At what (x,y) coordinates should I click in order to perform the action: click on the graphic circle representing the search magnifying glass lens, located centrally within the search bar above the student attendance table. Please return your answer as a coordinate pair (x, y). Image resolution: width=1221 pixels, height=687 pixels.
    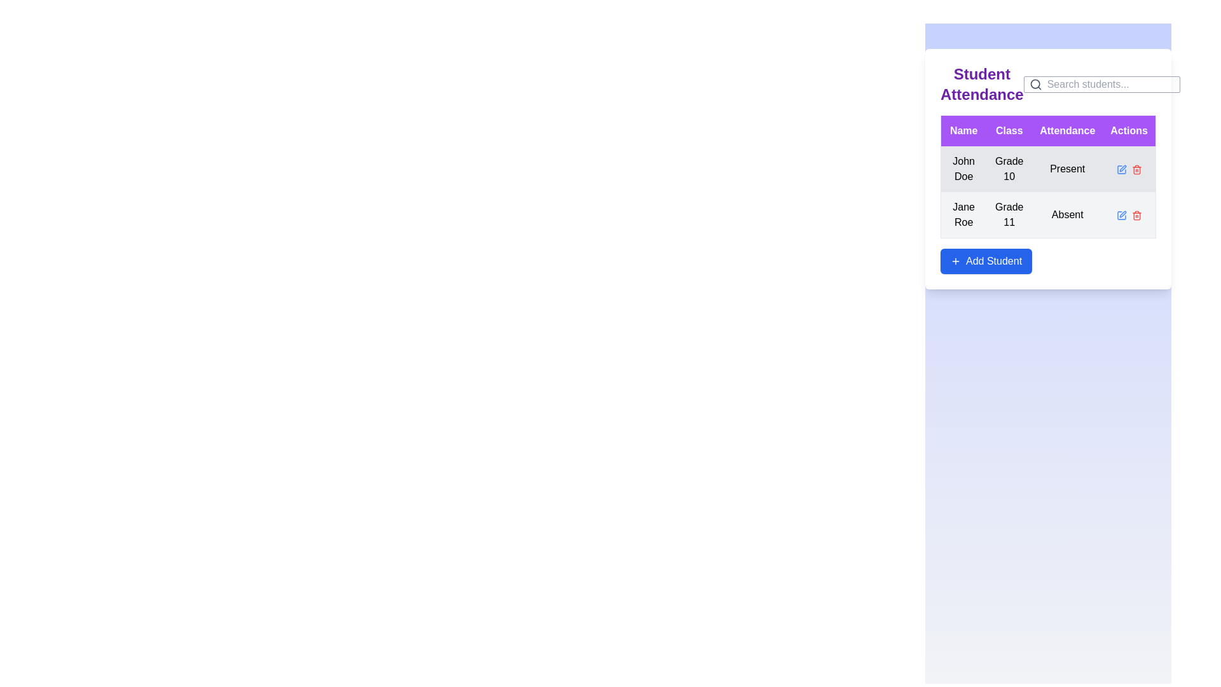
    Looking at the image, I should click on (1035, 84).